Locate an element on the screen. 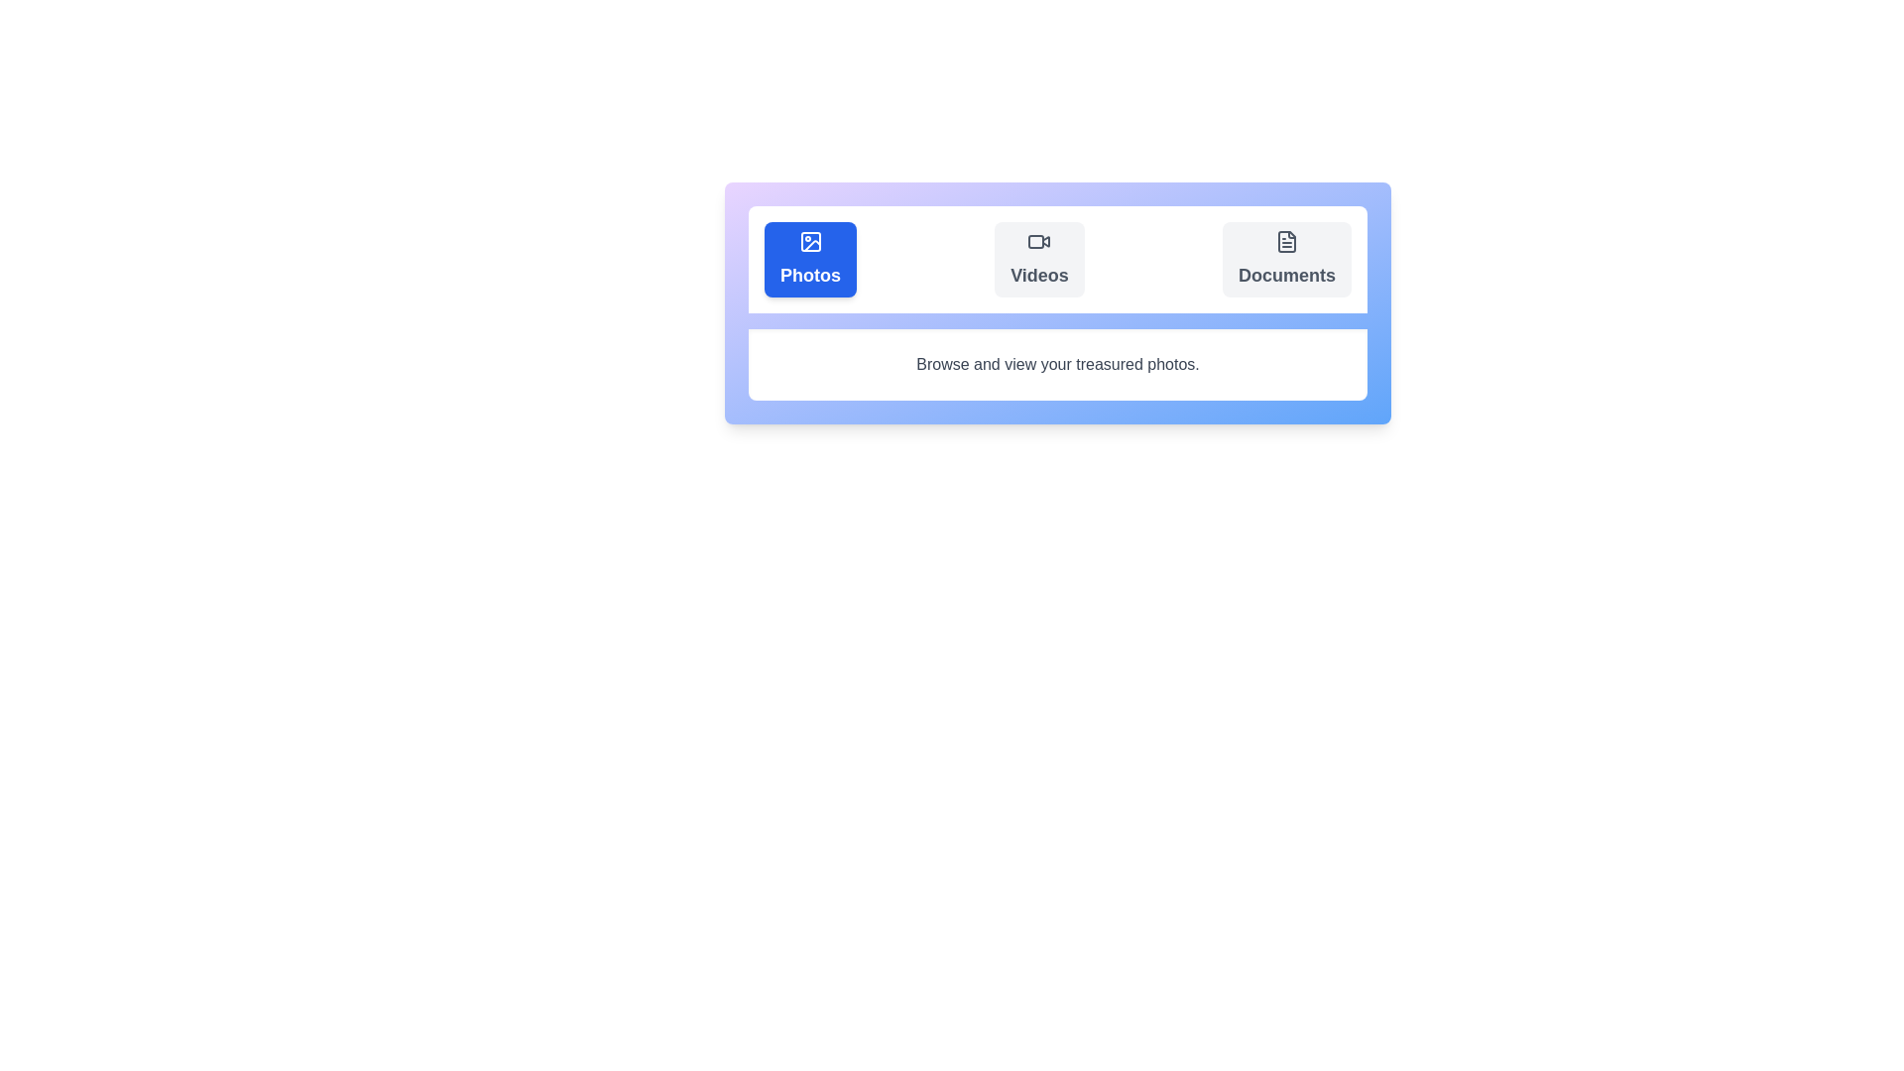  the play icon located centrally within the 'Videos' button, which is the second button in a row of three buttons at the top center of the interface is located at coordinates (1045, 240).